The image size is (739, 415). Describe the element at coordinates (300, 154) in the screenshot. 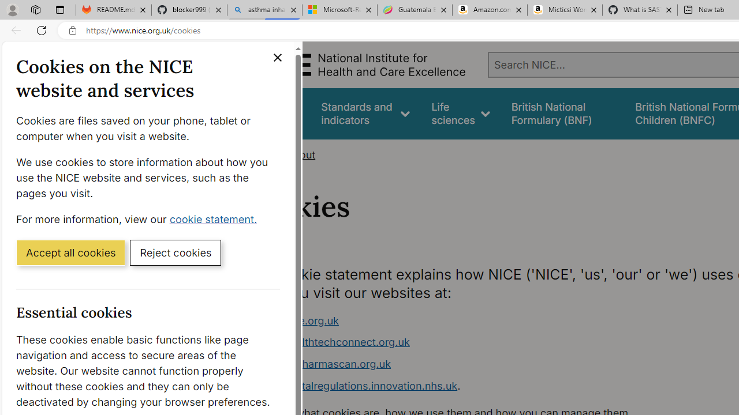

I see `'About'` at that location.